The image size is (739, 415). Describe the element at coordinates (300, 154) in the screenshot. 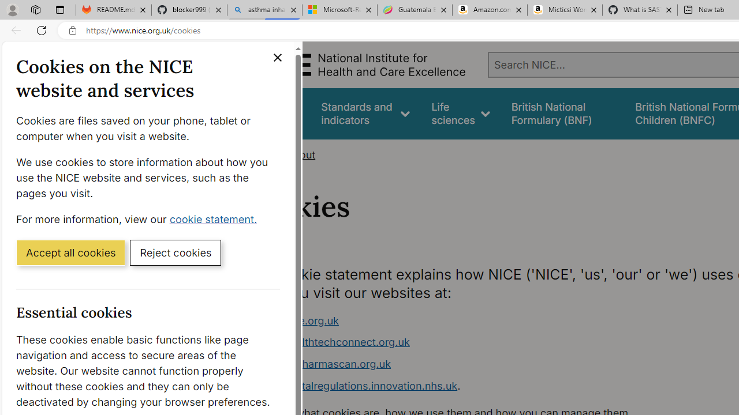

I see `'About'` at that location.